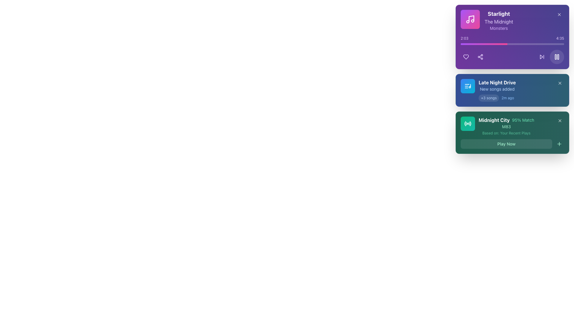 The width and height of the screenshot is (574, 322). Describe the element at coordinates (503, 44) in the screenshot. I see `playback progress` at that location.